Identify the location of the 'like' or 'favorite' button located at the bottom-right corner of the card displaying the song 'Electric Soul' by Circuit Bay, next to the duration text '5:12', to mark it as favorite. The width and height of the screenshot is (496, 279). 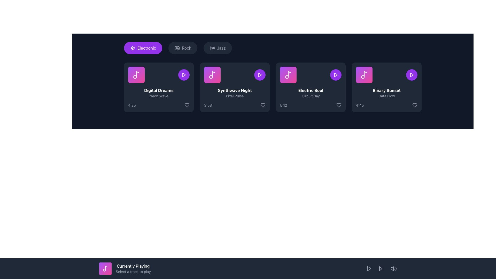
(339, 105).